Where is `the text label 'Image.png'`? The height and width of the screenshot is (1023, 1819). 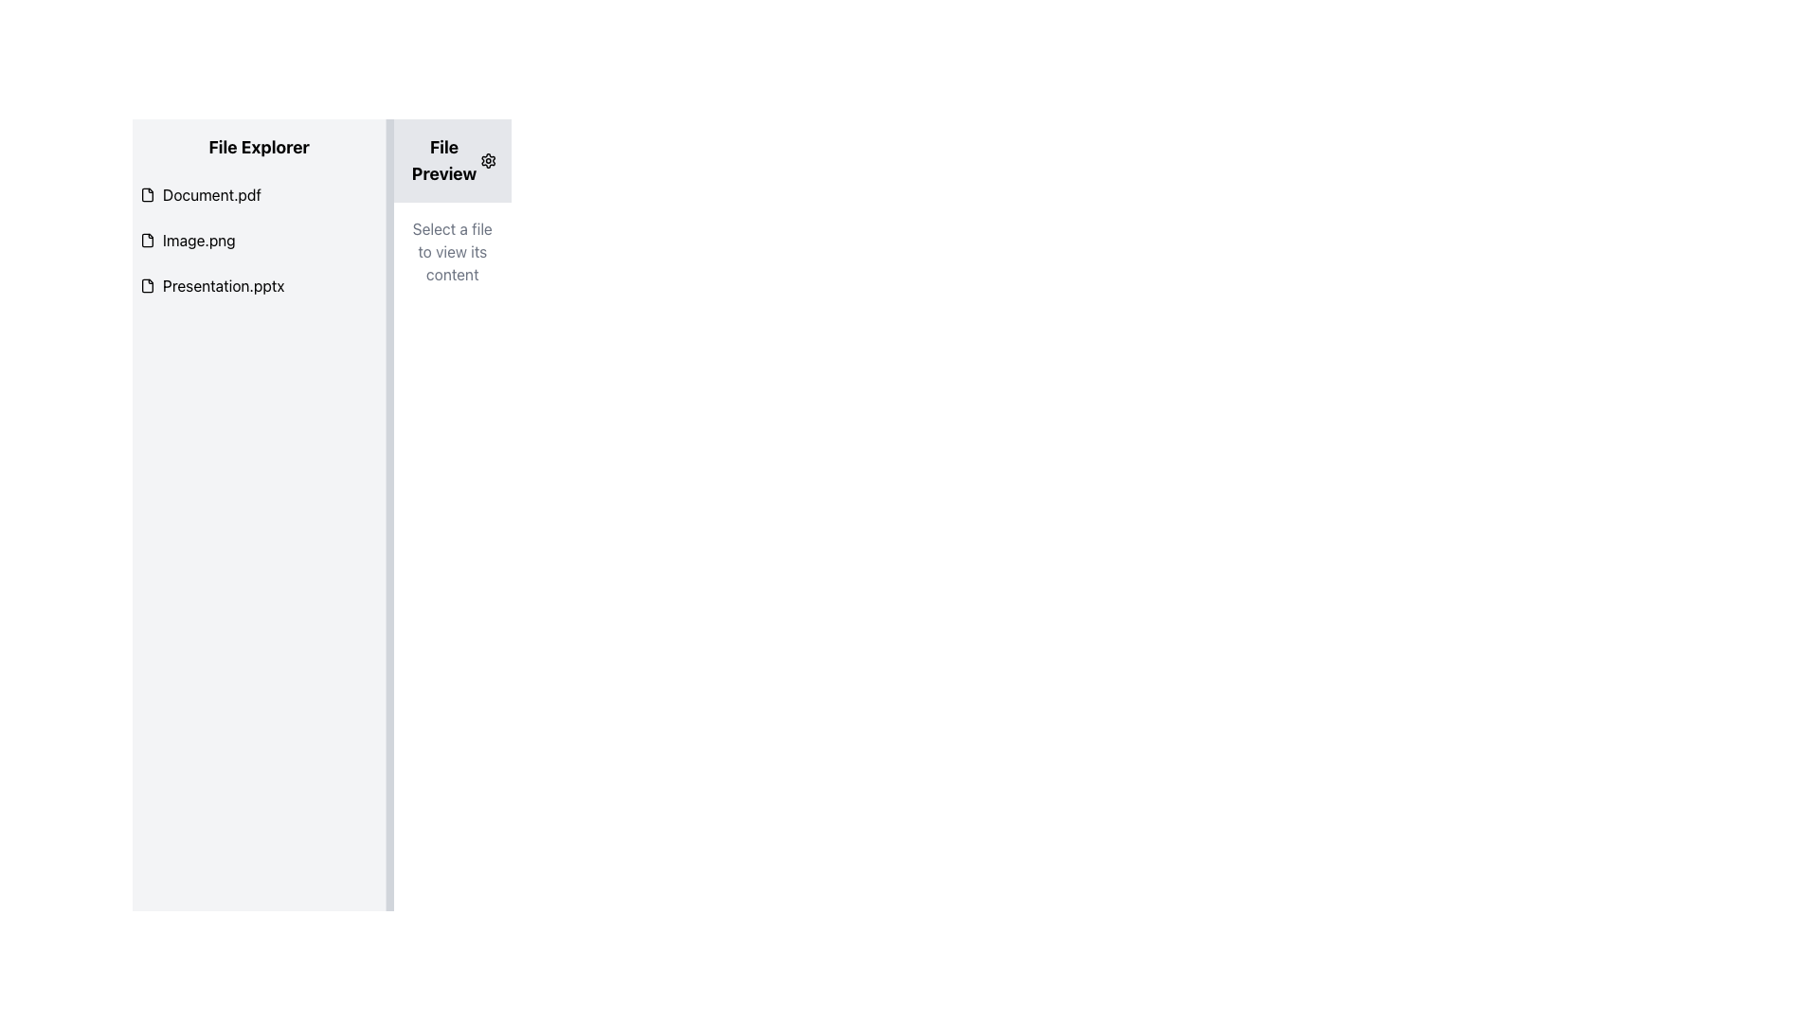 the text label 'Image.png' is located at coordinates (199, 240).